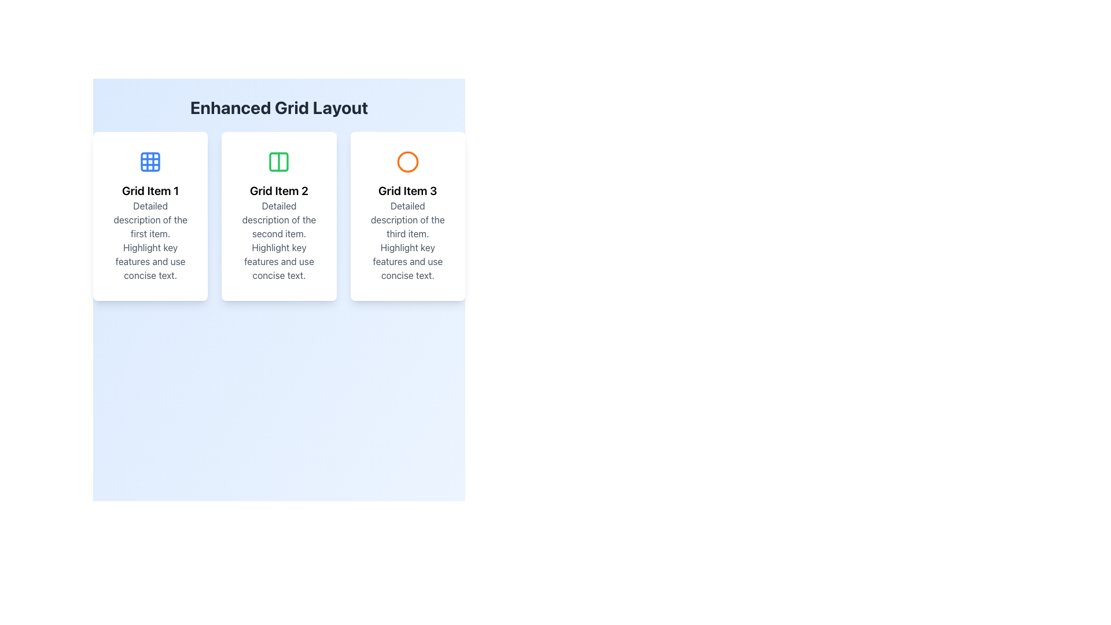 The height and width of the screenshot is (625, 1111). Describe the element at coordinates (150, 162) in the screenshot. I see `the Decorative component within the SVG icon, which is the first box in a 3x3 grid located above 'Grid Item 1' on the leftmost card in the Enhanced Grid Layout` at that location.